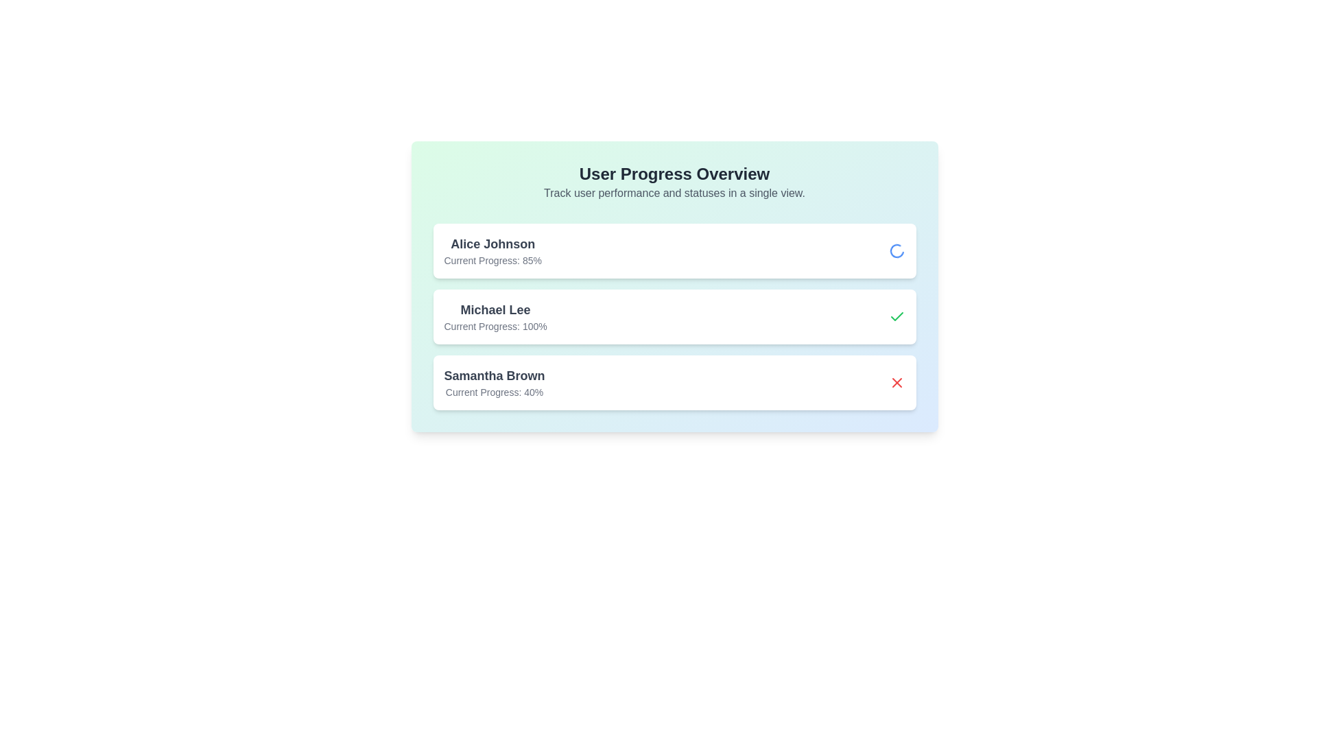 The height and width of the screenshot is (741, 1317). I want to click on the User information card displaying 'Samantha Brown' with a red cross icon on the right, which is the third card in the stacked list, so click(674, 383).